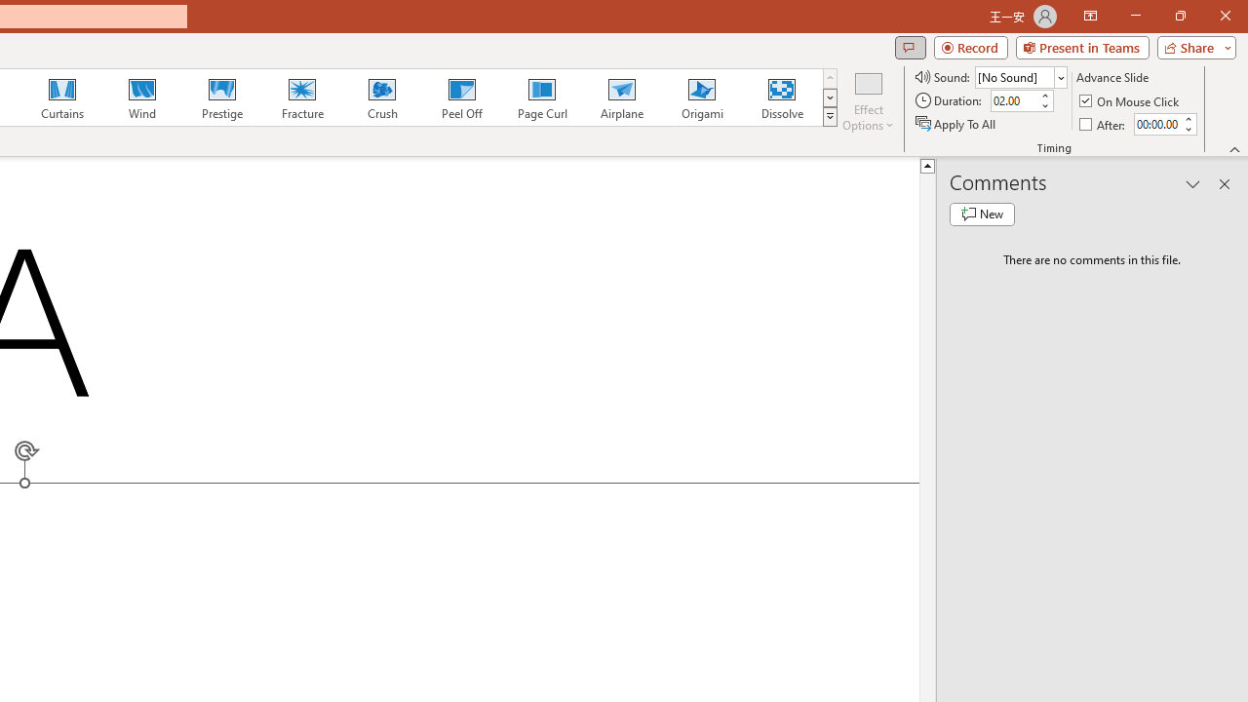 The height and width of the screenshot is (702, 1248). What do you see at coordinates (982, 214) in the screenshot?
I see `'New comment'` at bounding box center [982, 214].